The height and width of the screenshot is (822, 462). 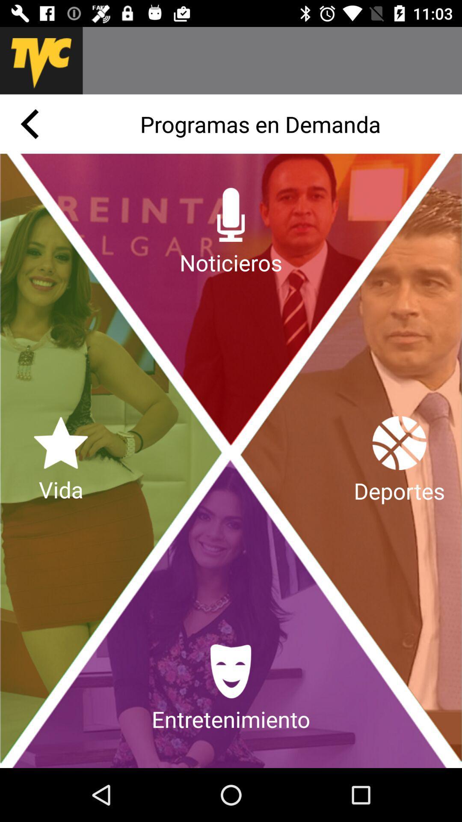 I want to click on the item below programas en demanda item, so click(x=231, y=232).